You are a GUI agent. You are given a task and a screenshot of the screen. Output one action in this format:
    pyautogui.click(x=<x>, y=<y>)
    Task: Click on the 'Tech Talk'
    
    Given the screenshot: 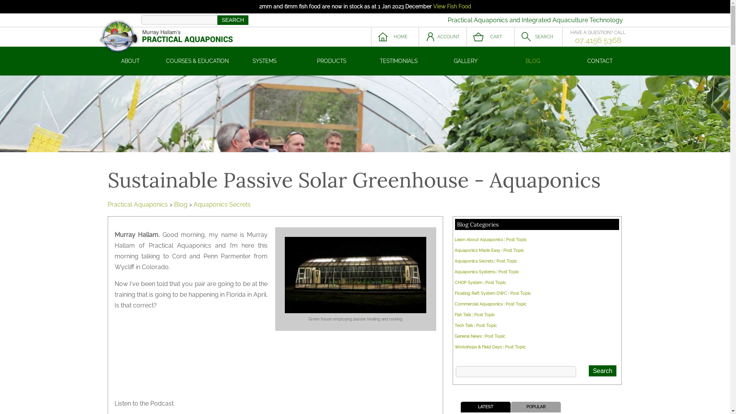 What is the action you would take?
    pyautogui.click(x=463, y=325)
    